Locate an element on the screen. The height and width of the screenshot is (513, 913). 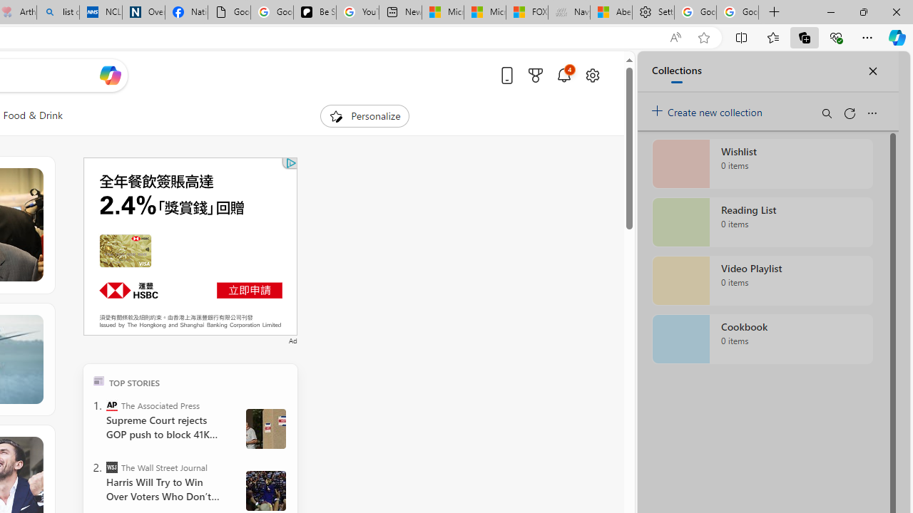
'Be Smart | creating Science videos | Patreon' is located at coordinates (314, 12).